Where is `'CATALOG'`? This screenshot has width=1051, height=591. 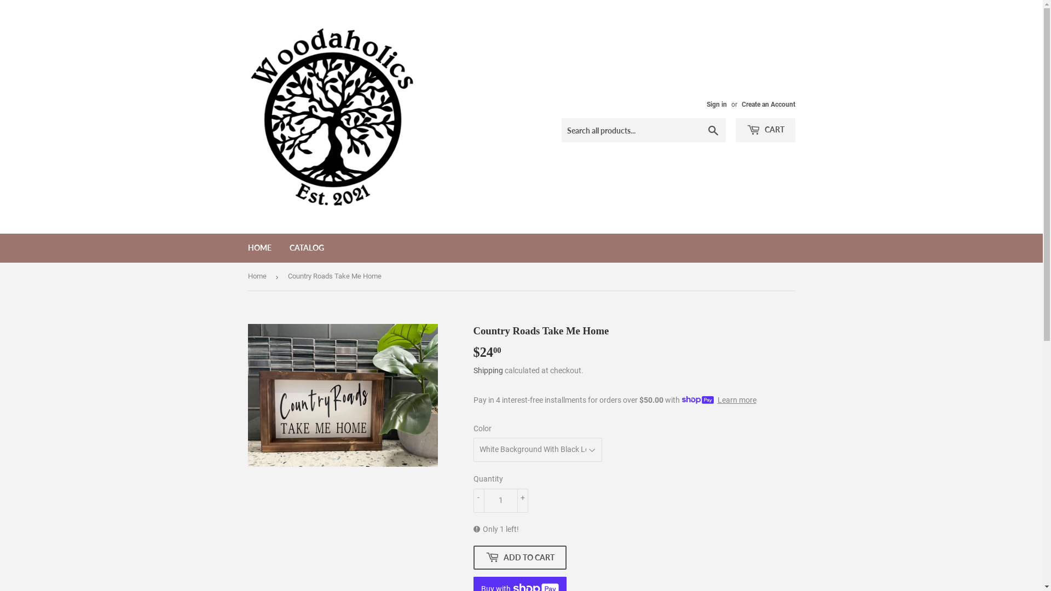
'CATALOG' is located at coordinates (307, 247).